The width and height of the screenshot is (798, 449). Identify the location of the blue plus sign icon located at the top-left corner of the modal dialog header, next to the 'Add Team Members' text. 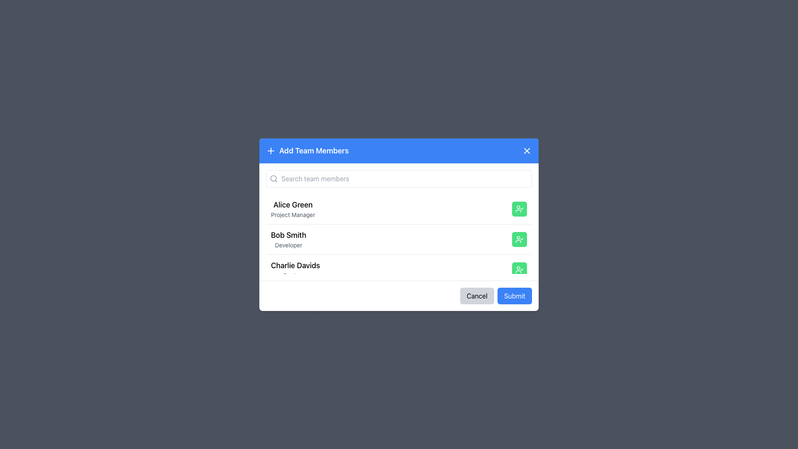
(271, 150).